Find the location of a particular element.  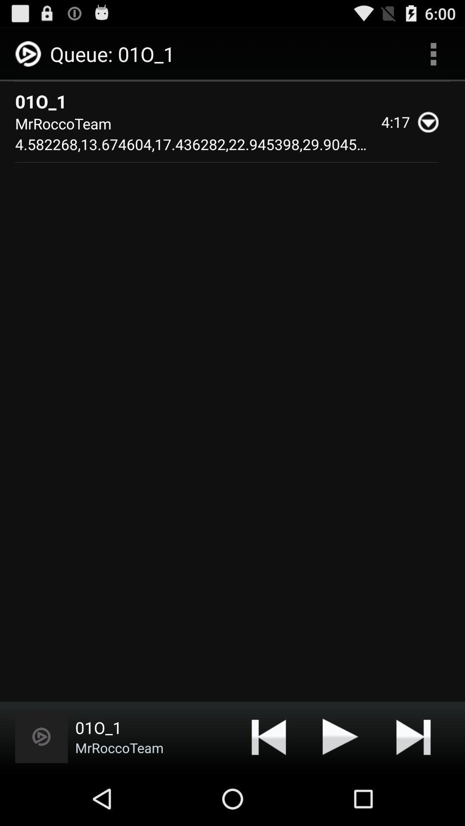

the icon below mrroccoteam 4 582268 icon is located at coordinates (340, 736).